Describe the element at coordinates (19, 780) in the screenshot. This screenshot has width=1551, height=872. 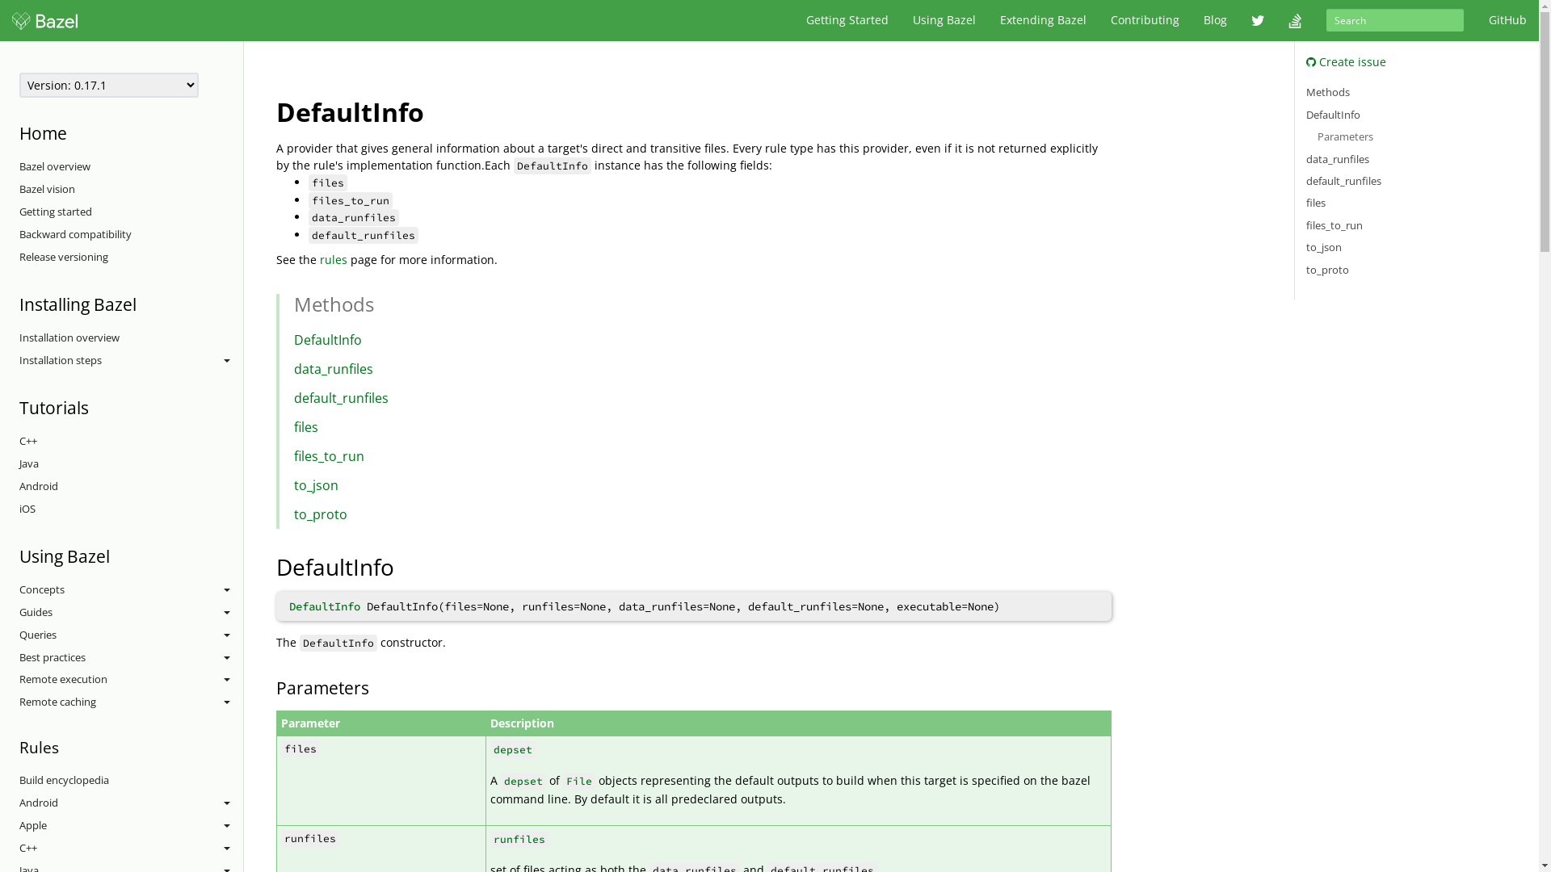
I see `'Build encyclopedia'` at that location.